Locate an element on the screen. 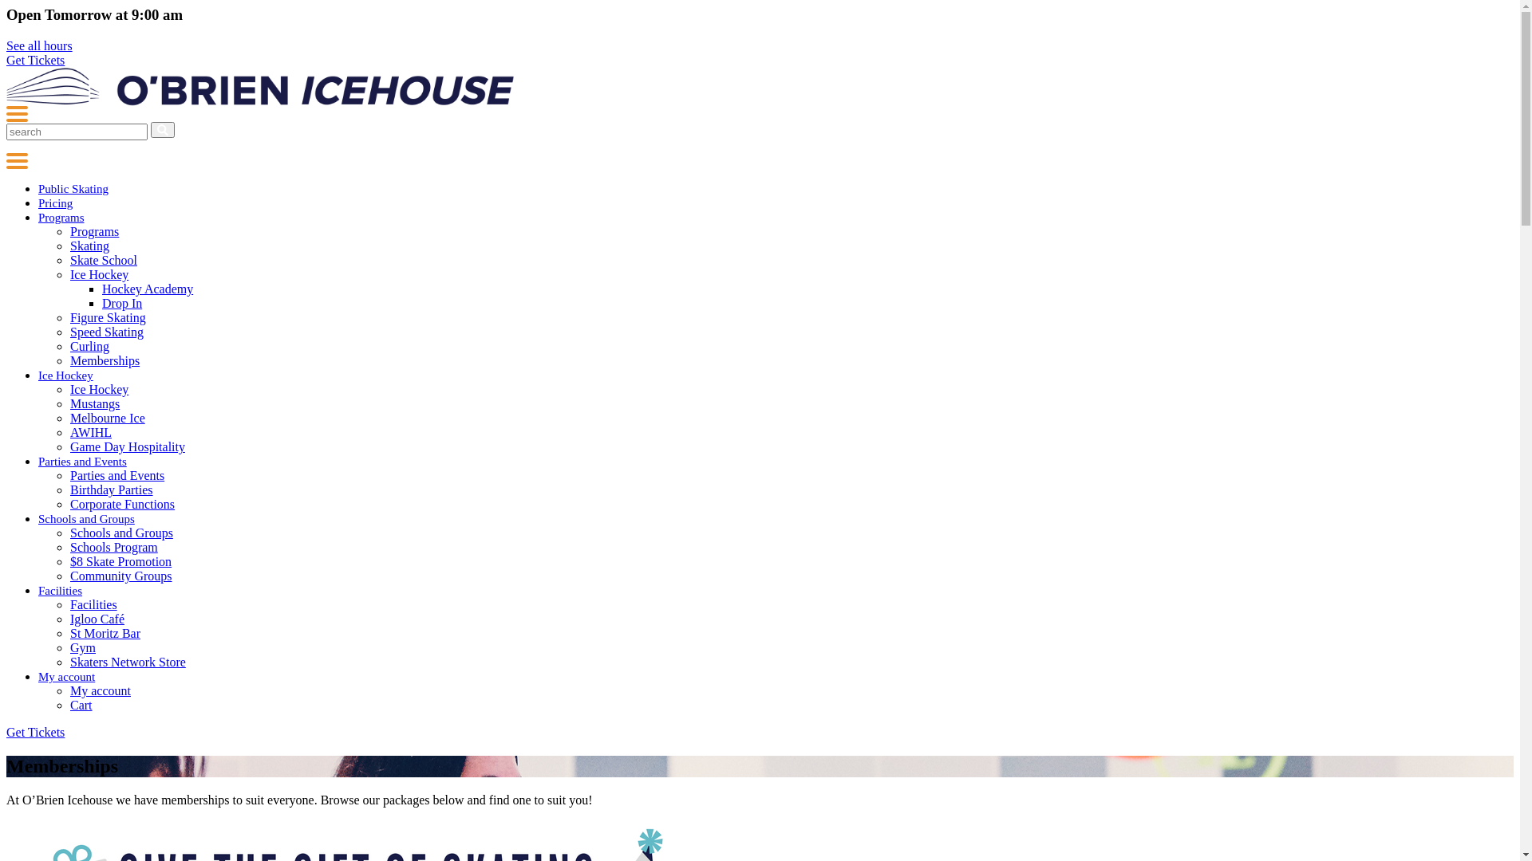 This screenshot has height=861, width=1532. 'Gym' is located at coordinates (69, 647).